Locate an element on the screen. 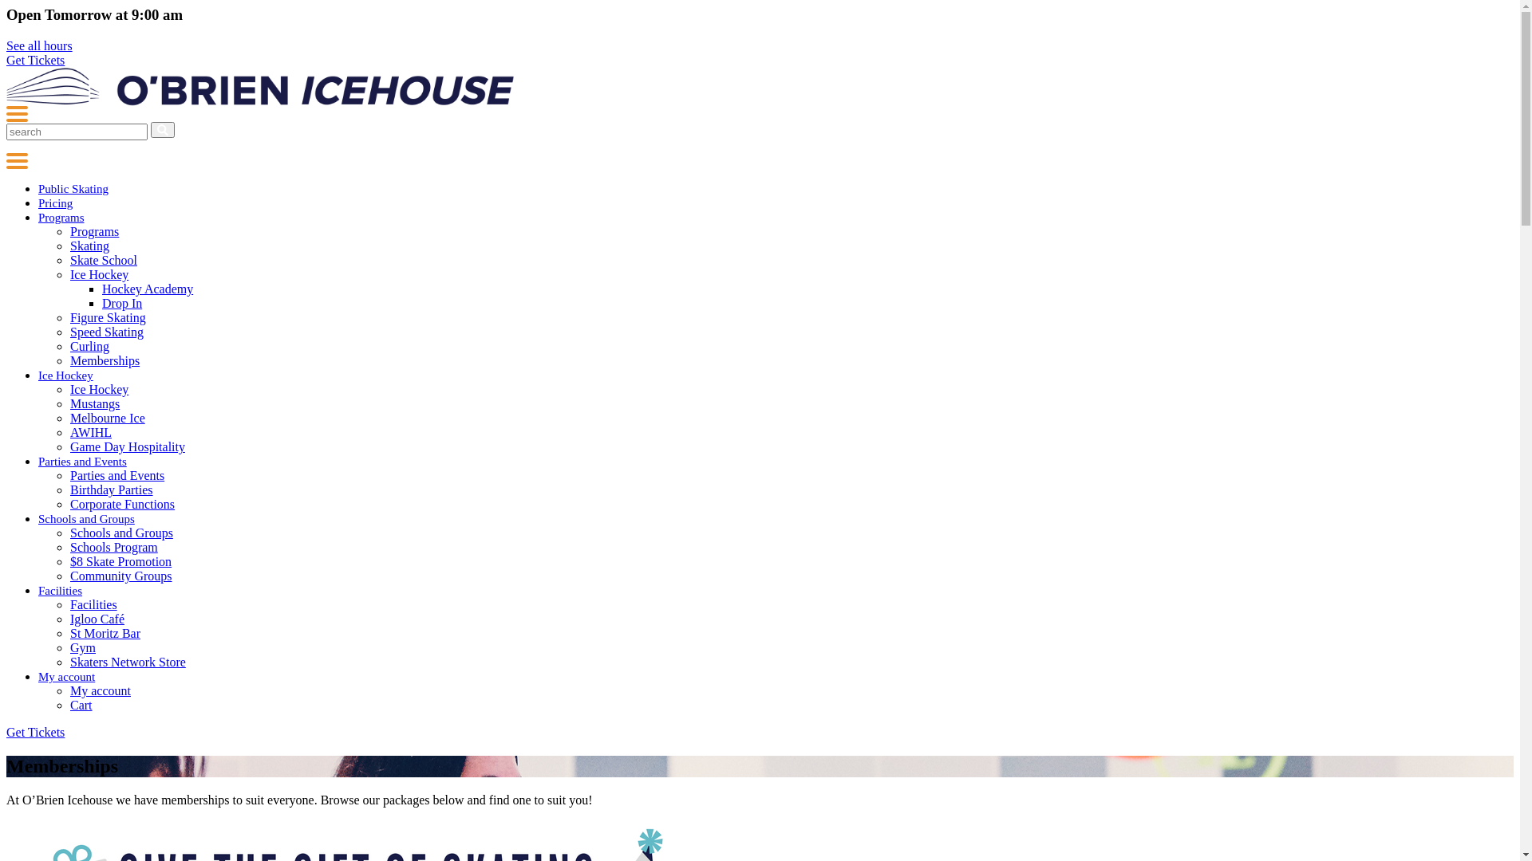 This screenshot has height=861, width=1532. 'Gym' is located at coordinates (69, 647).